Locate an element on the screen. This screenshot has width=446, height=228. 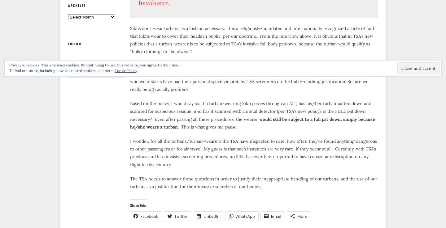
'To find out more, including how to control cookies, see here:' is located at coordinates (62, 70).